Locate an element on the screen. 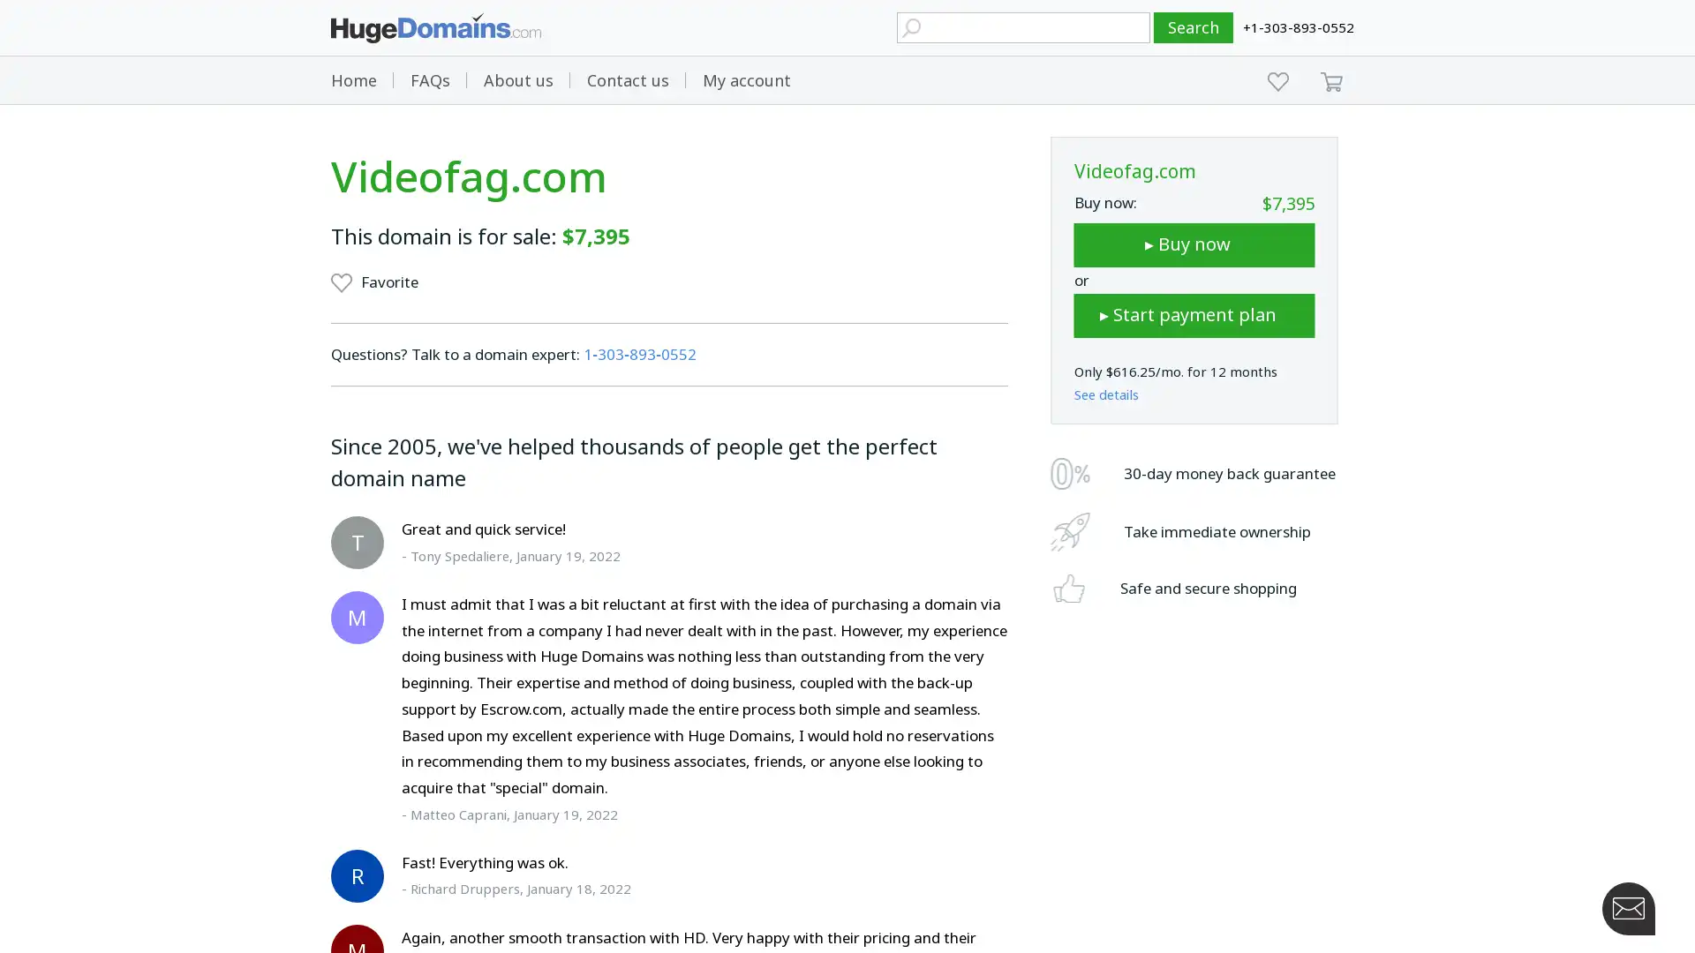 Image resolution: width=1695 pixels, height=953 pixels. Search is located at coordinates (1194, 27).